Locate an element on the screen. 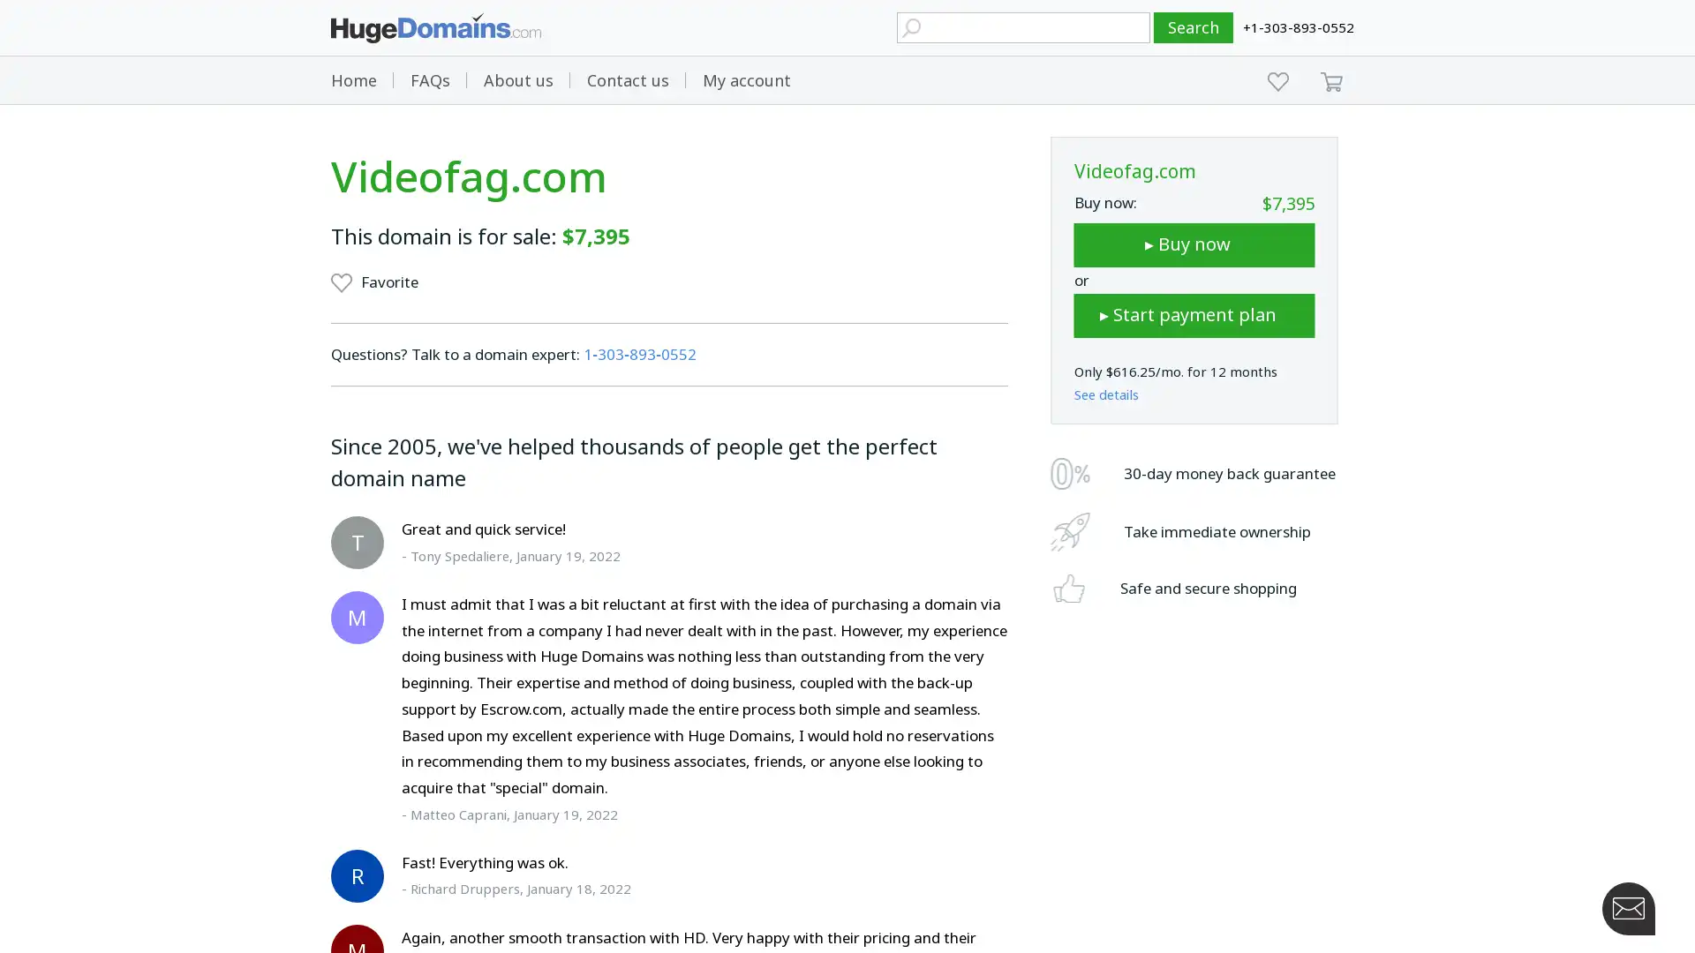 Image resolution: width=1695 pixels, height=953 pixels. Search is located at coordinates (1194, 27).